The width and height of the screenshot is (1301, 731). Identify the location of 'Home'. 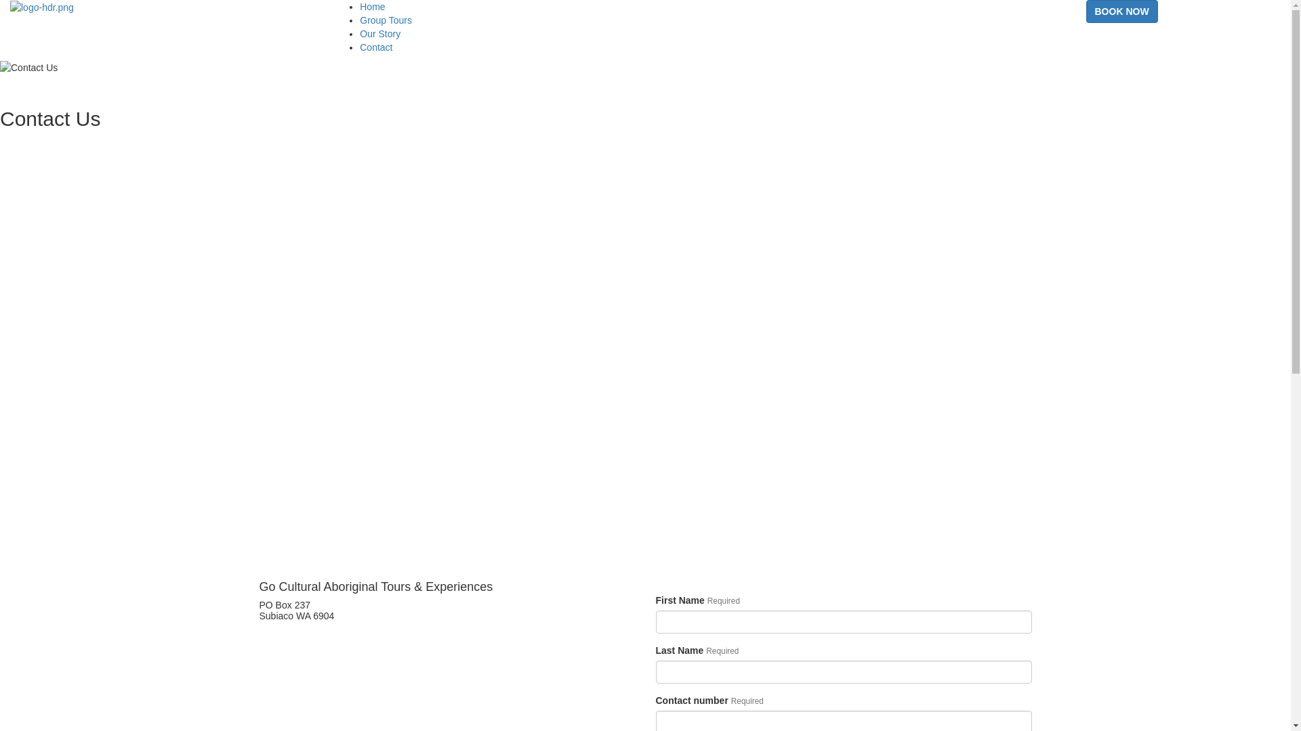
(372, 7).